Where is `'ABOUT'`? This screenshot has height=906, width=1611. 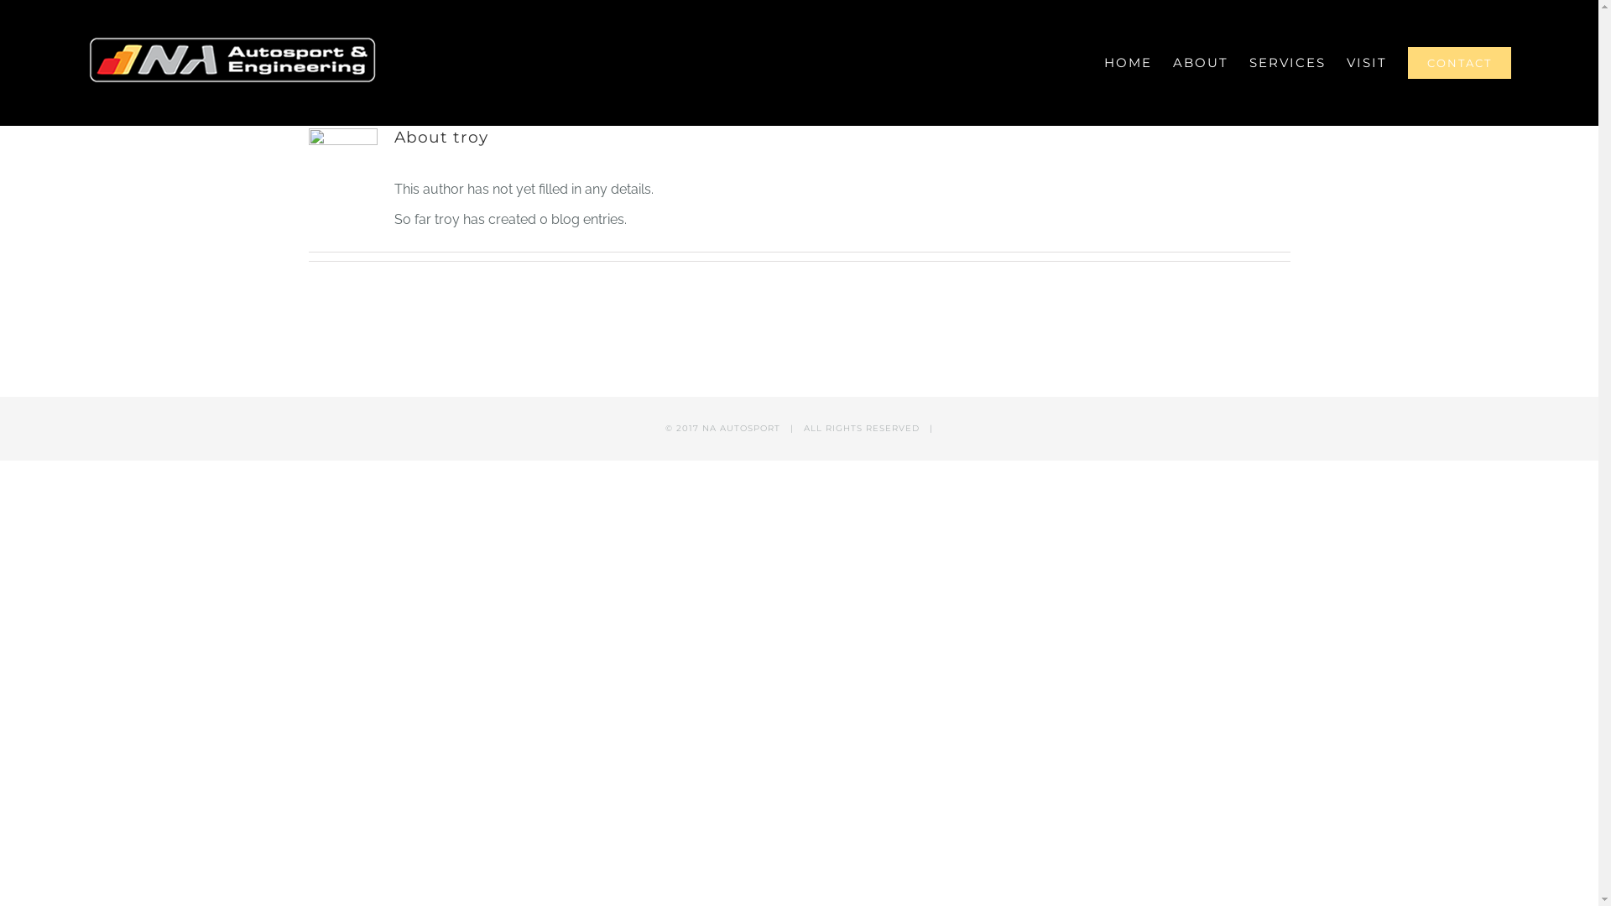
'ABOUT' is located at coordinates (1199, 61).